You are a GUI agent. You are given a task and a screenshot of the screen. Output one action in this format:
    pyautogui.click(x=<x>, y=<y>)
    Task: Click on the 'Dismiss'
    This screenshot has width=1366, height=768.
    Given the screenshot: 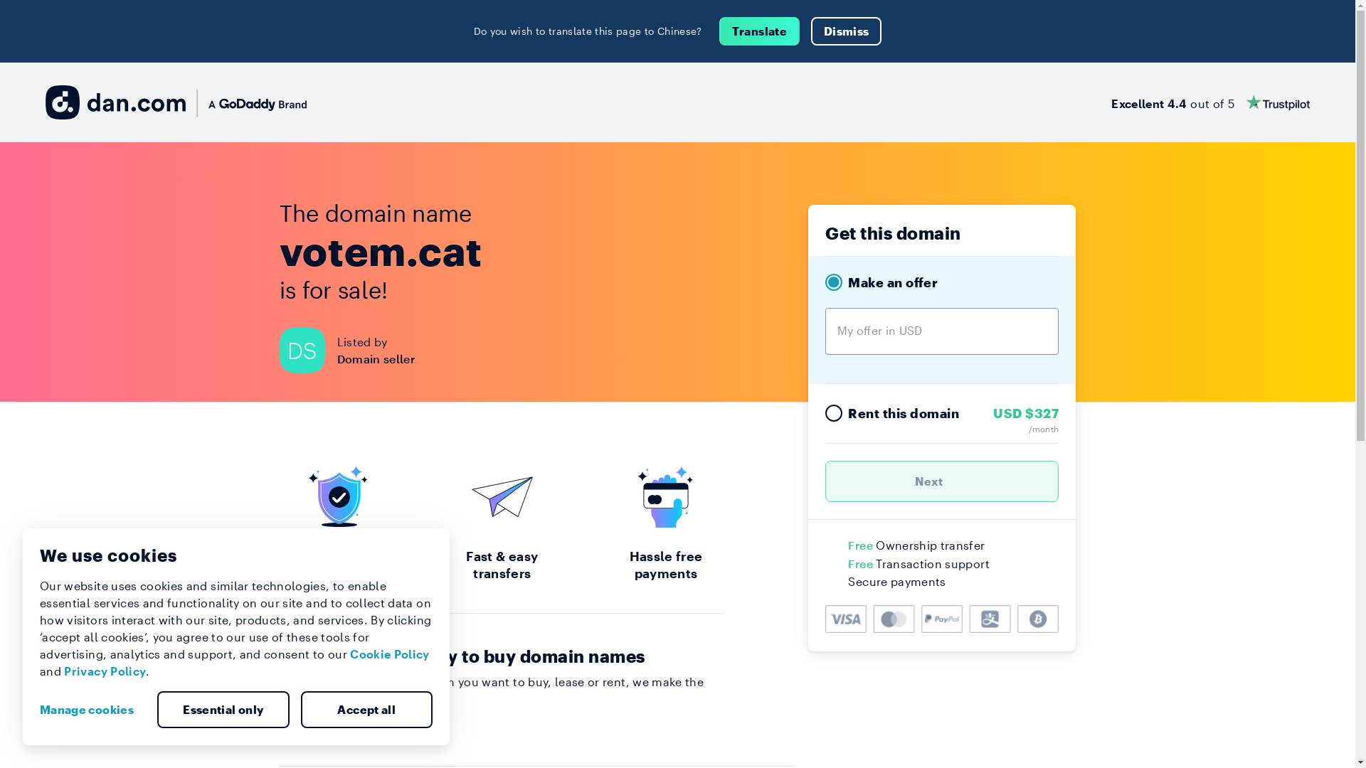 What is the action you would take?
    pyautogui.click(x=846, y=31)
    